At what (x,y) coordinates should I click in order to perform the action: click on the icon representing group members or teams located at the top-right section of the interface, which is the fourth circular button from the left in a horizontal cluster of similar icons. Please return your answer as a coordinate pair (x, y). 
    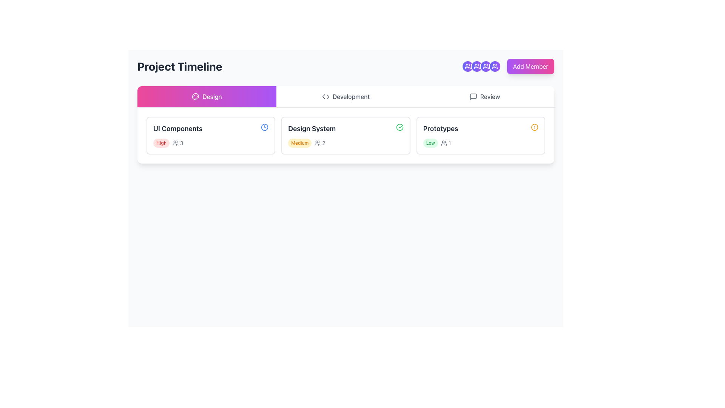
    Looking at the image, I should click on (486, 66).